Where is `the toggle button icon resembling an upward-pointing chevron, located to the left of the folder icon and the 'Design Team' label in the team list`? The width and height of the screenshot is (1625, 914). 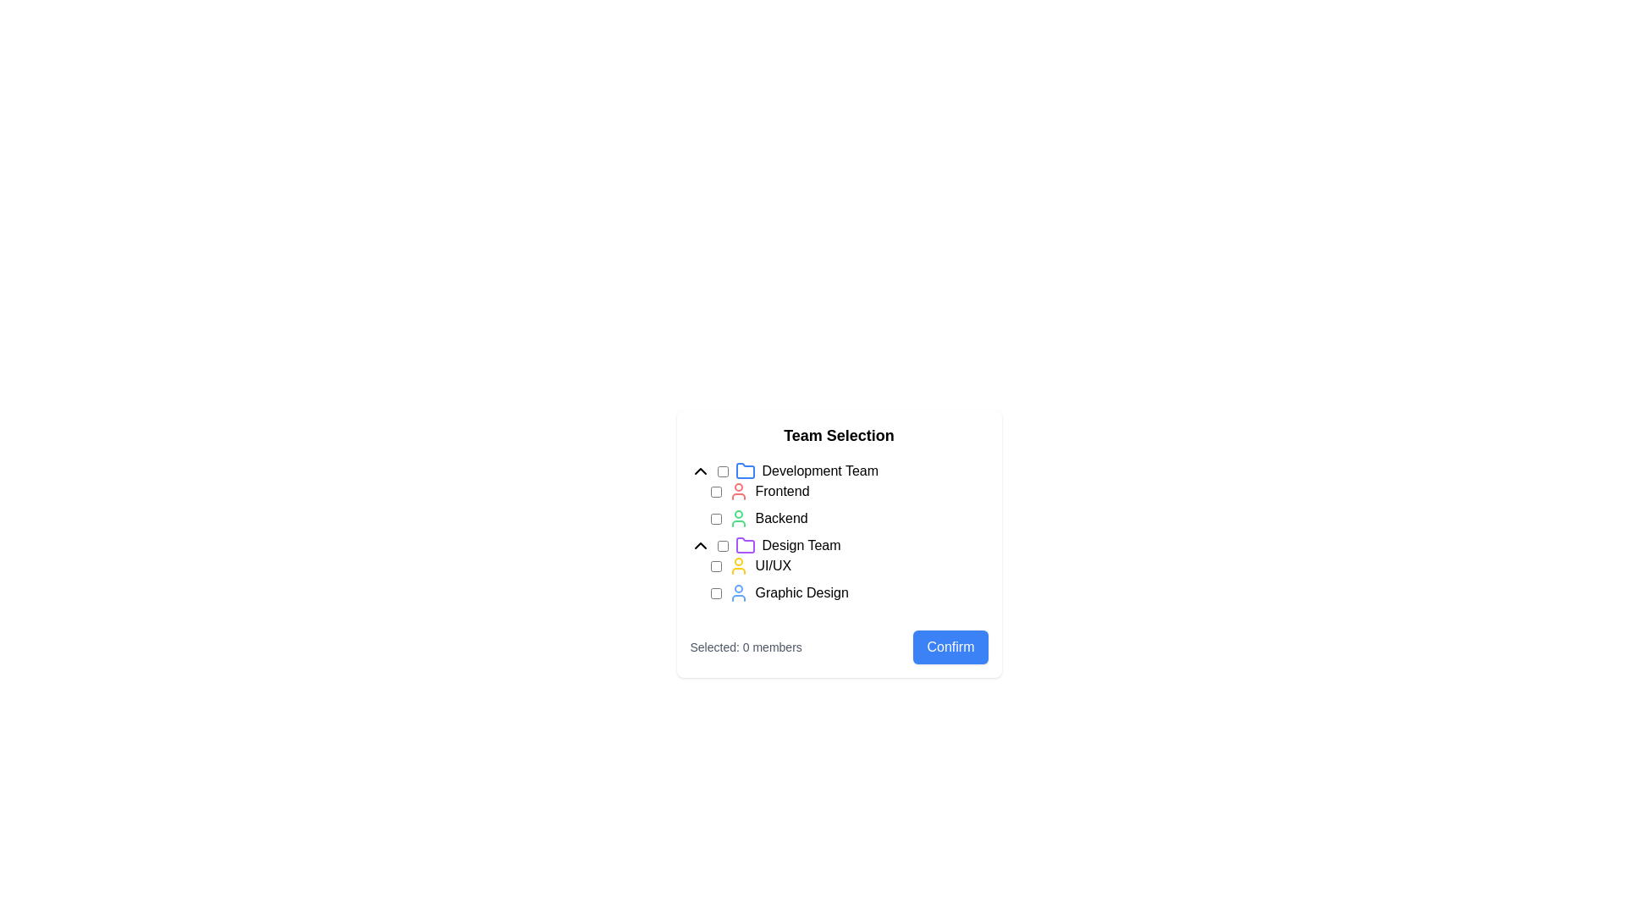 the toggle button icon resembling an upward-pointing chevron, located to the left of the folder icon and the 'Design Team' label in the team list is located at coordinates (700, 545).